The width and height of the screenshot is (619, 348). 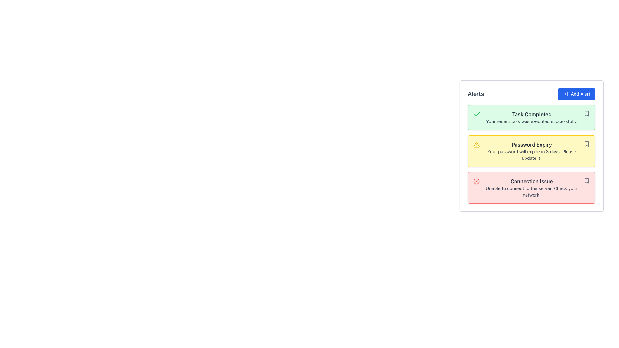 I want to click on the text label indicating a connectivity problem in the alert box below 'Password Expiry' for additional information, so click(x=532, y=181).